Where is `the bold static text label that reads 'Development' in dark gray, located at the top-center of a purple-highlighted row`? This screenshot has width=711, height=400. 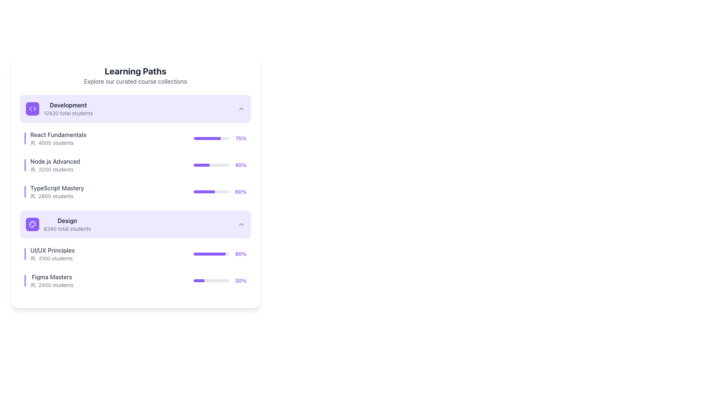
the bold static text label that reads 'Development' in dark gray, located at the top-center of a purple-highlighted row is located at coordinates (68, 105).